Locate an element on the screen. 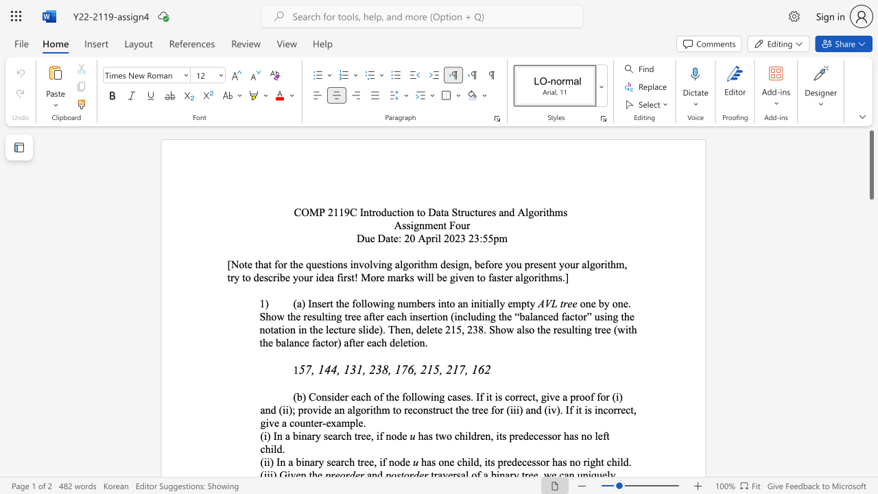  the vertical scrollbar to lower the page content is located at coordinates (870, 329).